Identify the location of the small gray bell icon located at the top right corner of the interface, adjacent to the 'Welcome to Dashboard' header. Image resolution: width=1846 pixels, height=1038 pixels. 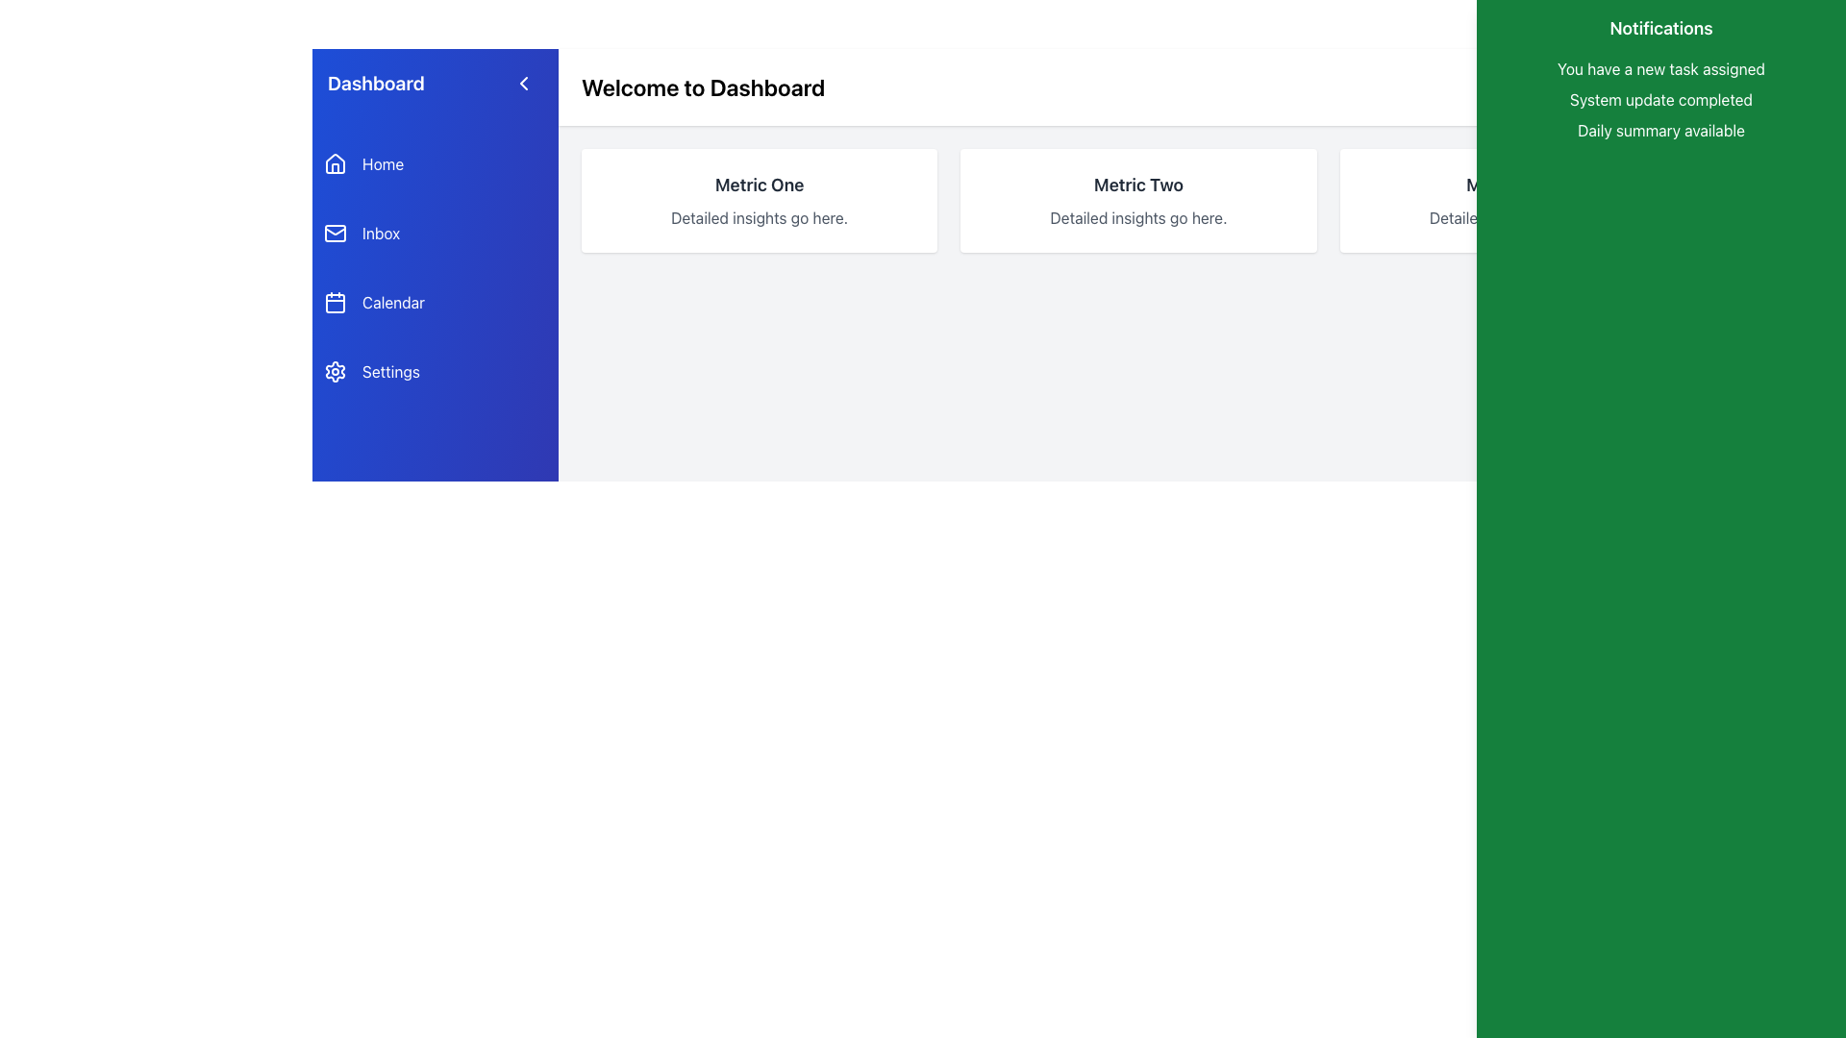
(1684, 87).